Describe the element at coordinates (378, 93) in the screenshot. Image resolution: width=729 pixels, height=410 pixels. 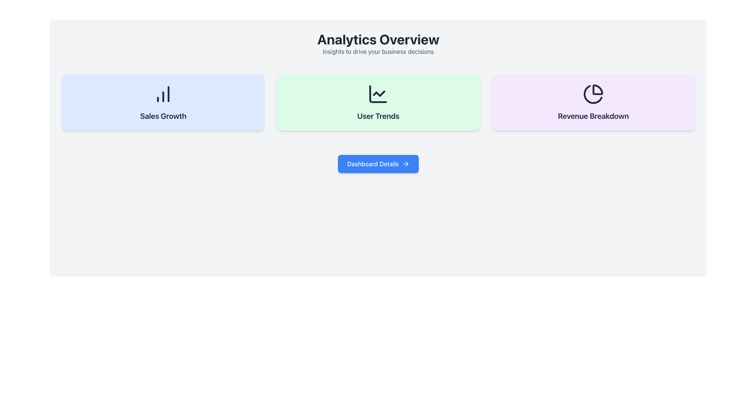
I see `the SVG icon depicting a line chart, which is centrally located in the 'User Trends' green card` at that location.